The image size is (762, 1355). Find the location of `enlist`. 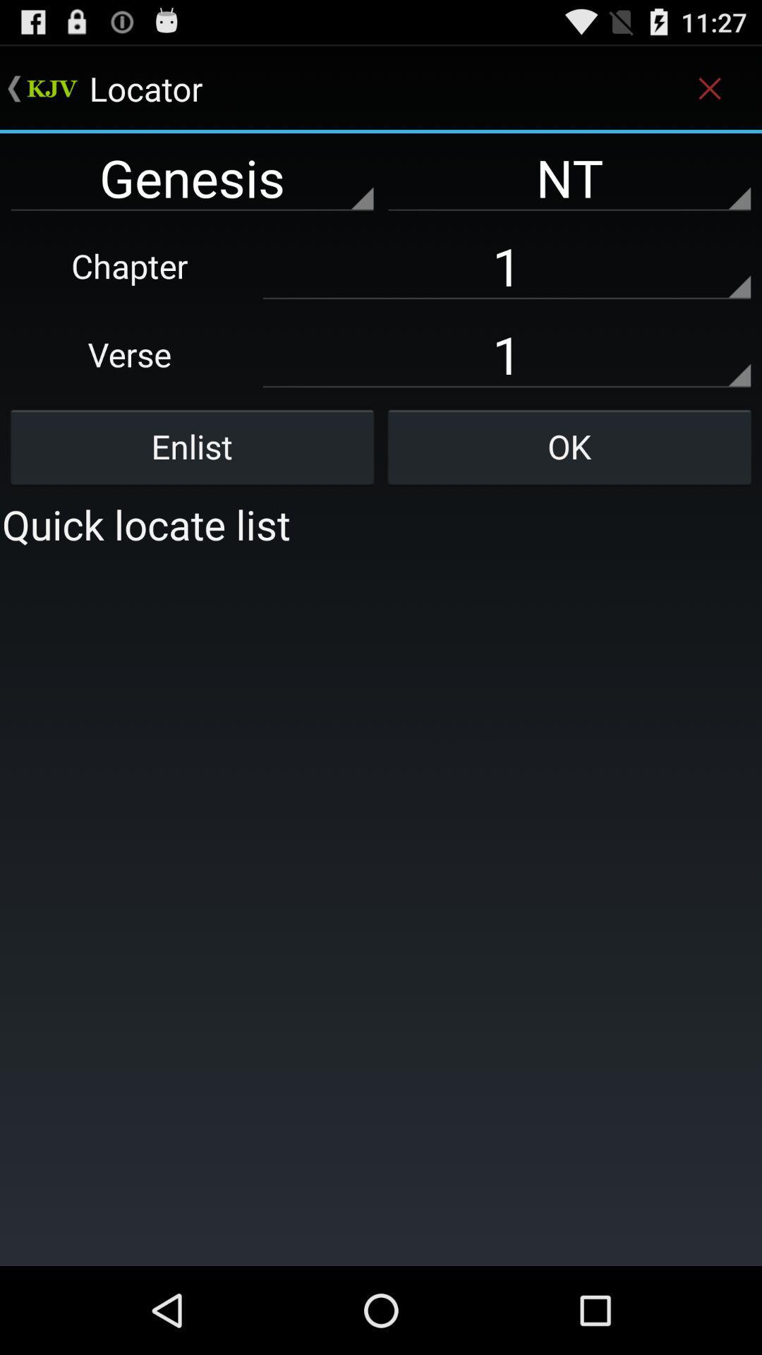

enlist is located at coordinates (192, 446).